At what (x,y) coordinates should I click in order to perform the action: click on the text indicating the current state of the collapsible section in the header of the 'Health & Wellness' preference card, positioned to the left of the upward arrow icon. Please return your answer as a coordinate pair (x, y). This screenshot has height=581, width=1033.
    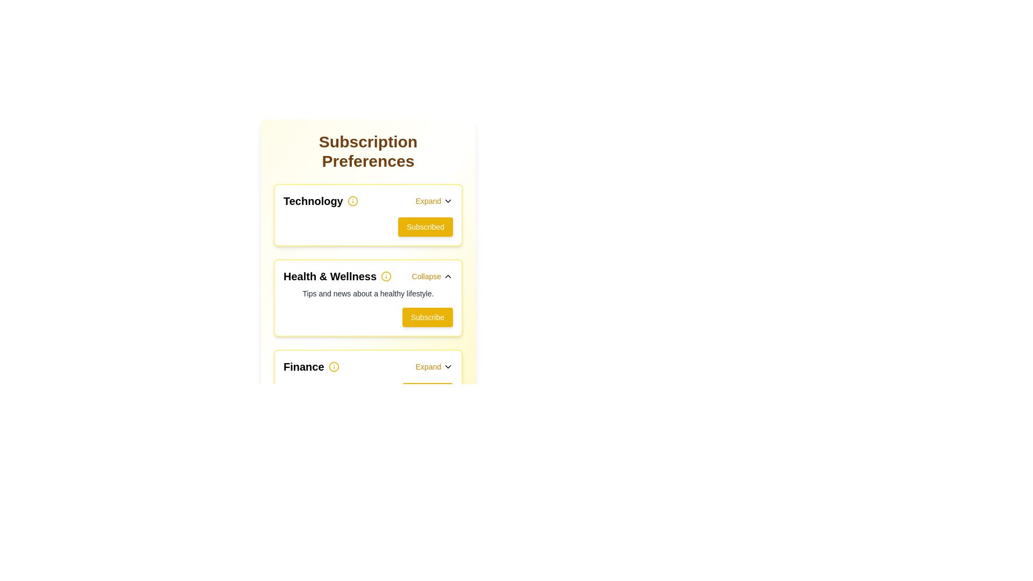
    Looking at the image, I should click on (426, 275).